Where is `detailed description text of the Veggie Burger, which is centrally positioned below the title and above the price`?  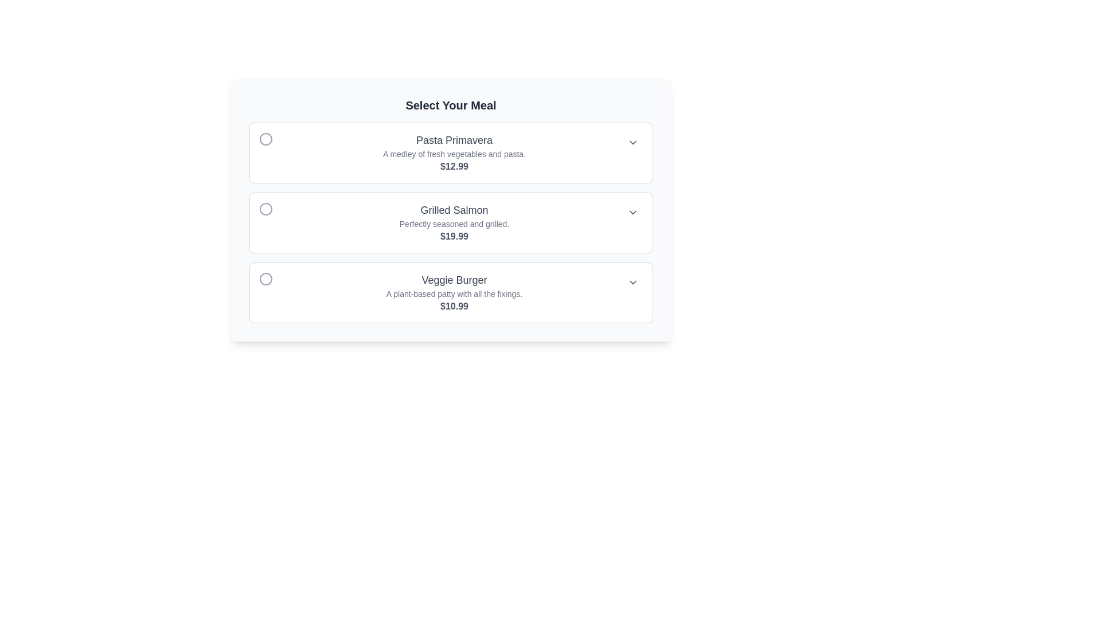
detailed description text of the Veggie Burger, which is centrally positioned below the title and above the price is located at coordinates (454, 293).